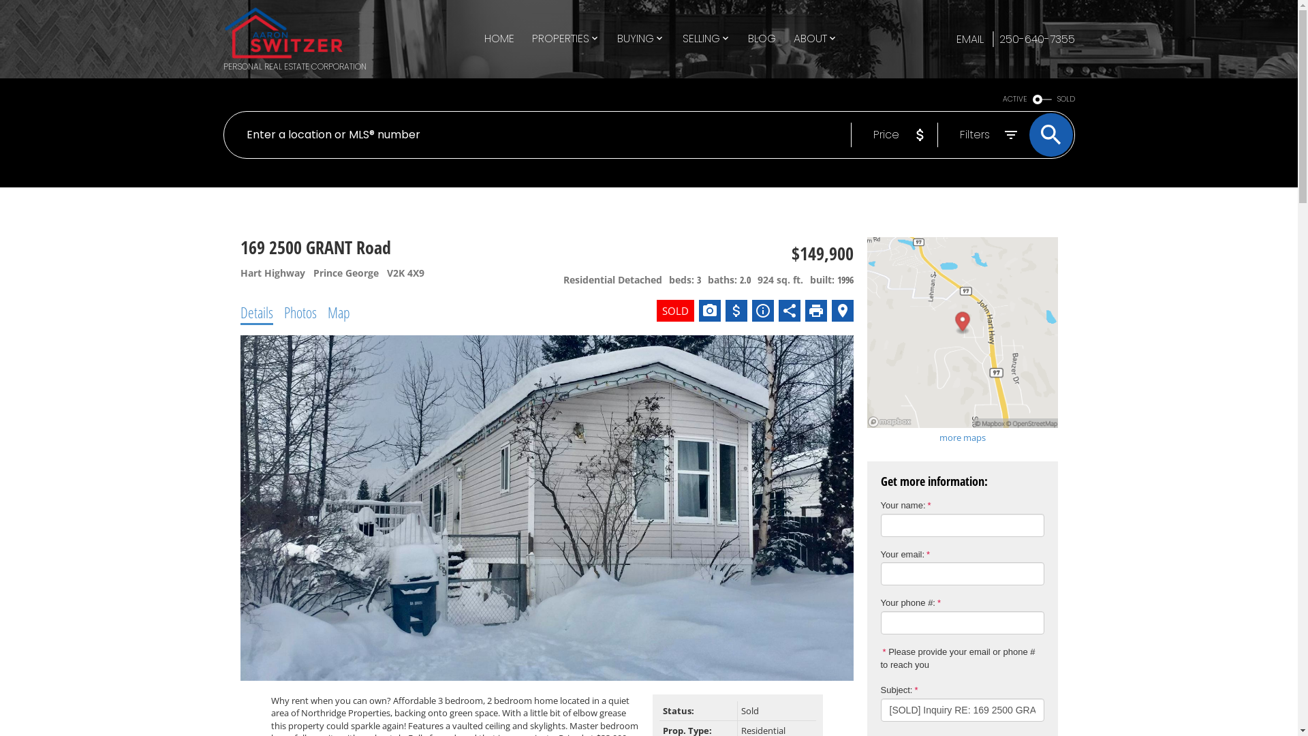 The image size is (1308, 736). I want to click on 'View photo gallery', so click(708, 310).